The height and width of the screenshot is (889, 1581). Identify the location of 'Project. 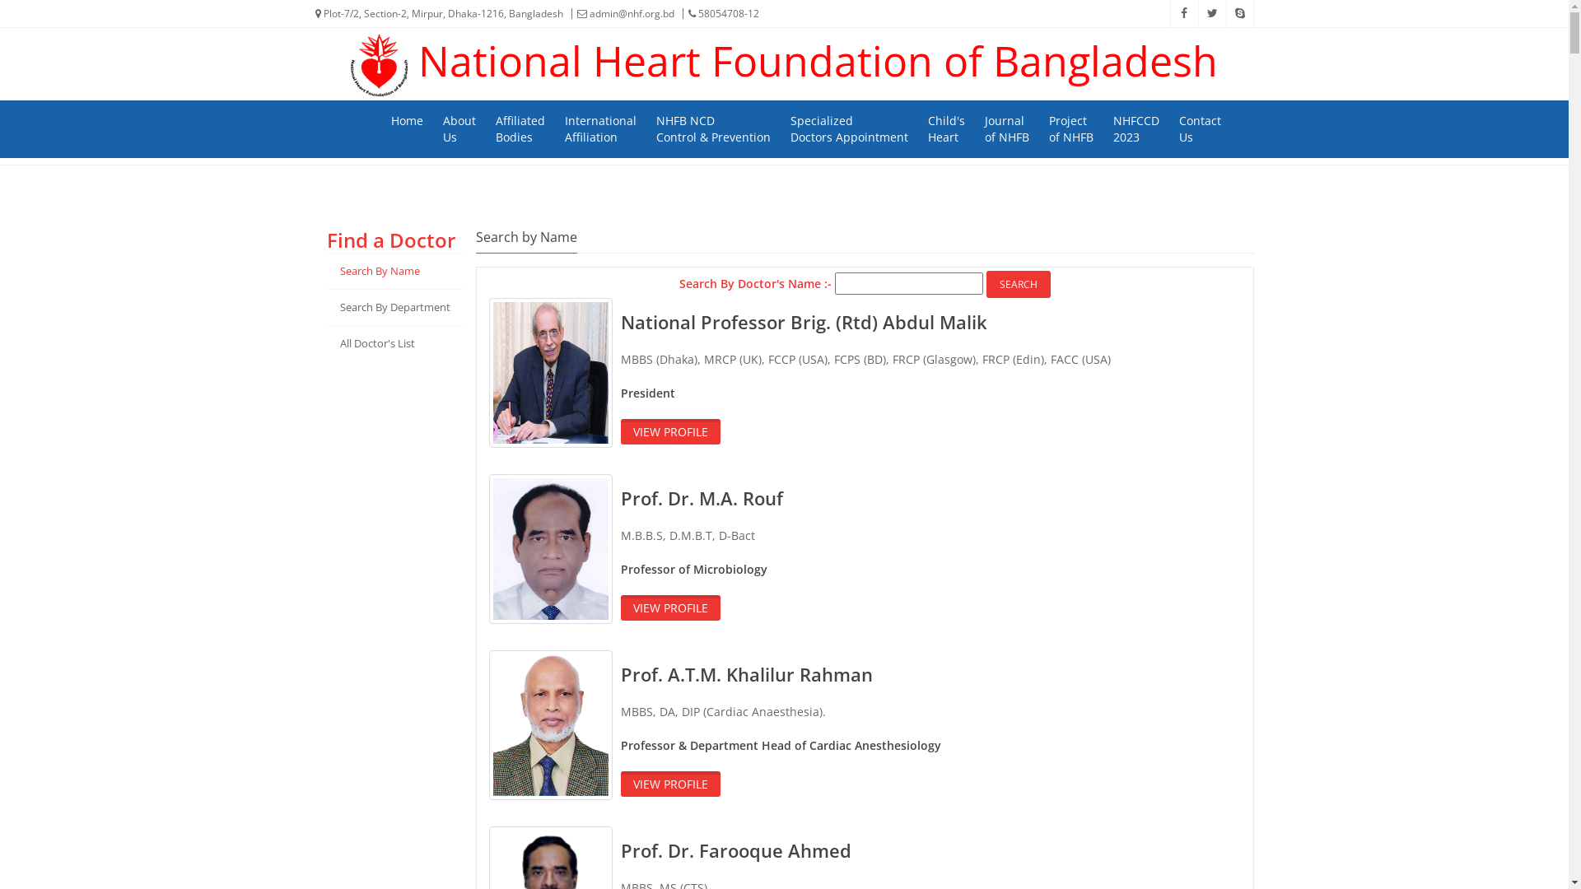
(1070, 128).